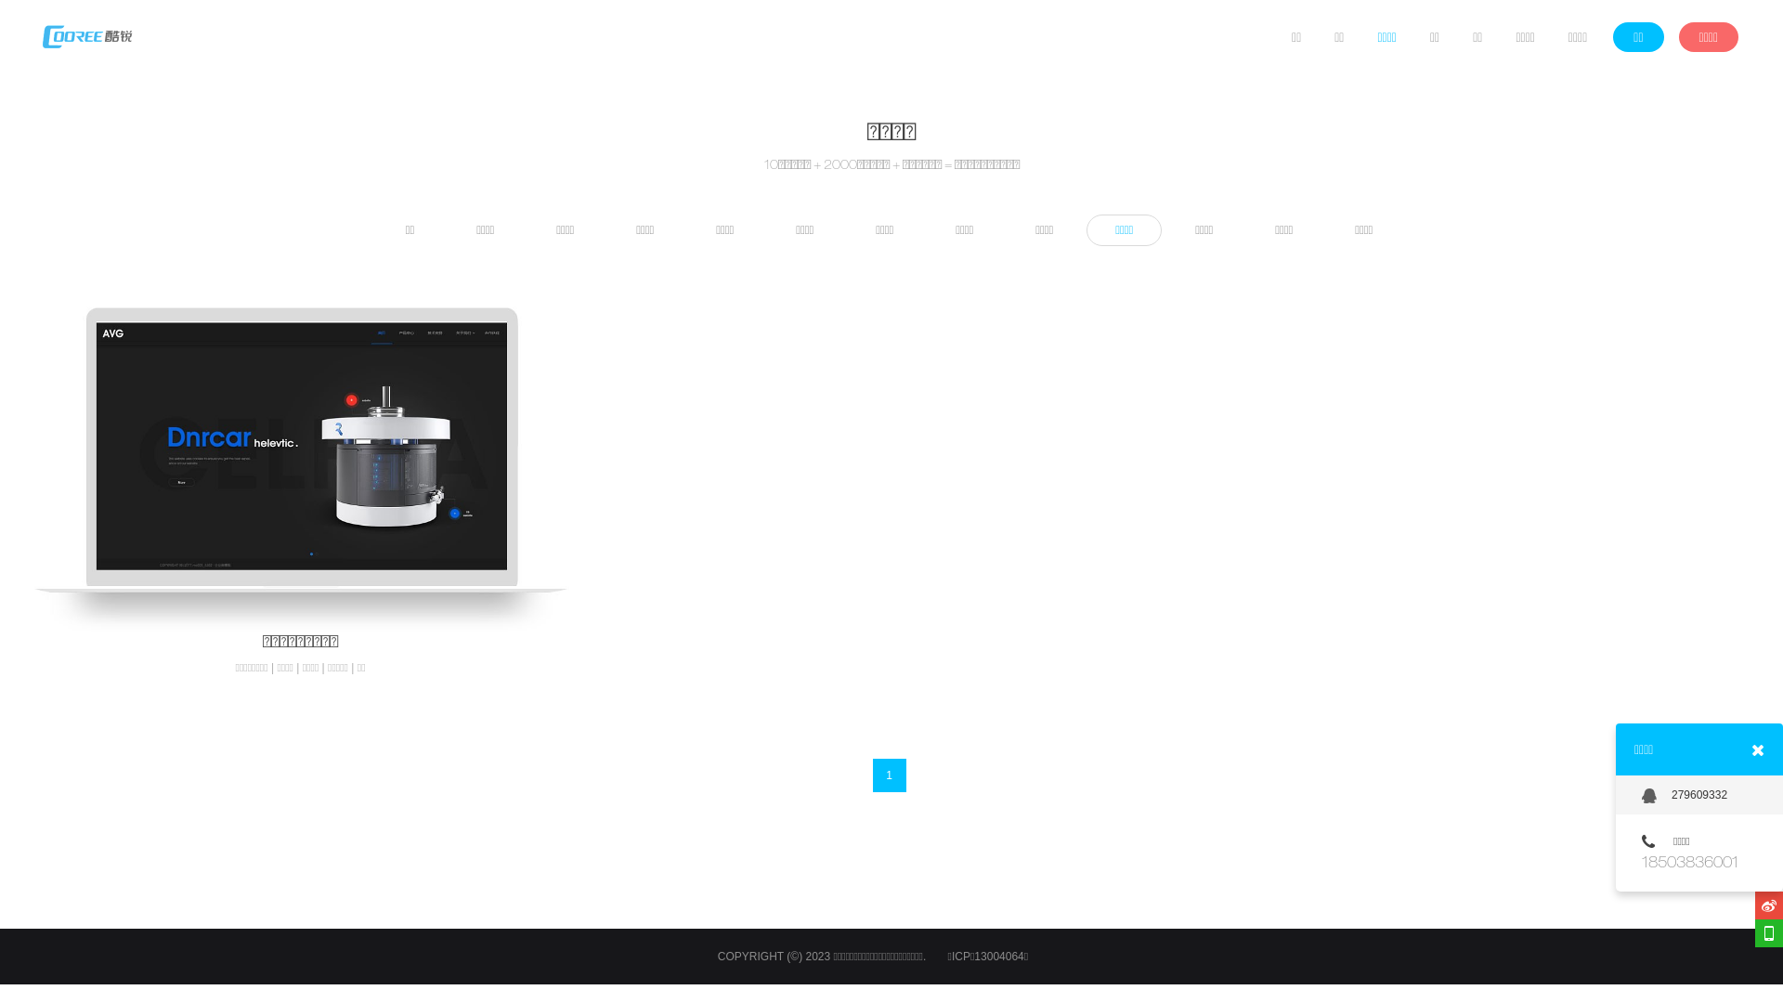 The height and width of the screenshot is (1003, 1783). What do you see at coordinates (872, 775) in the screenshot?
I see `'1'` at bounding box center [872, 775].